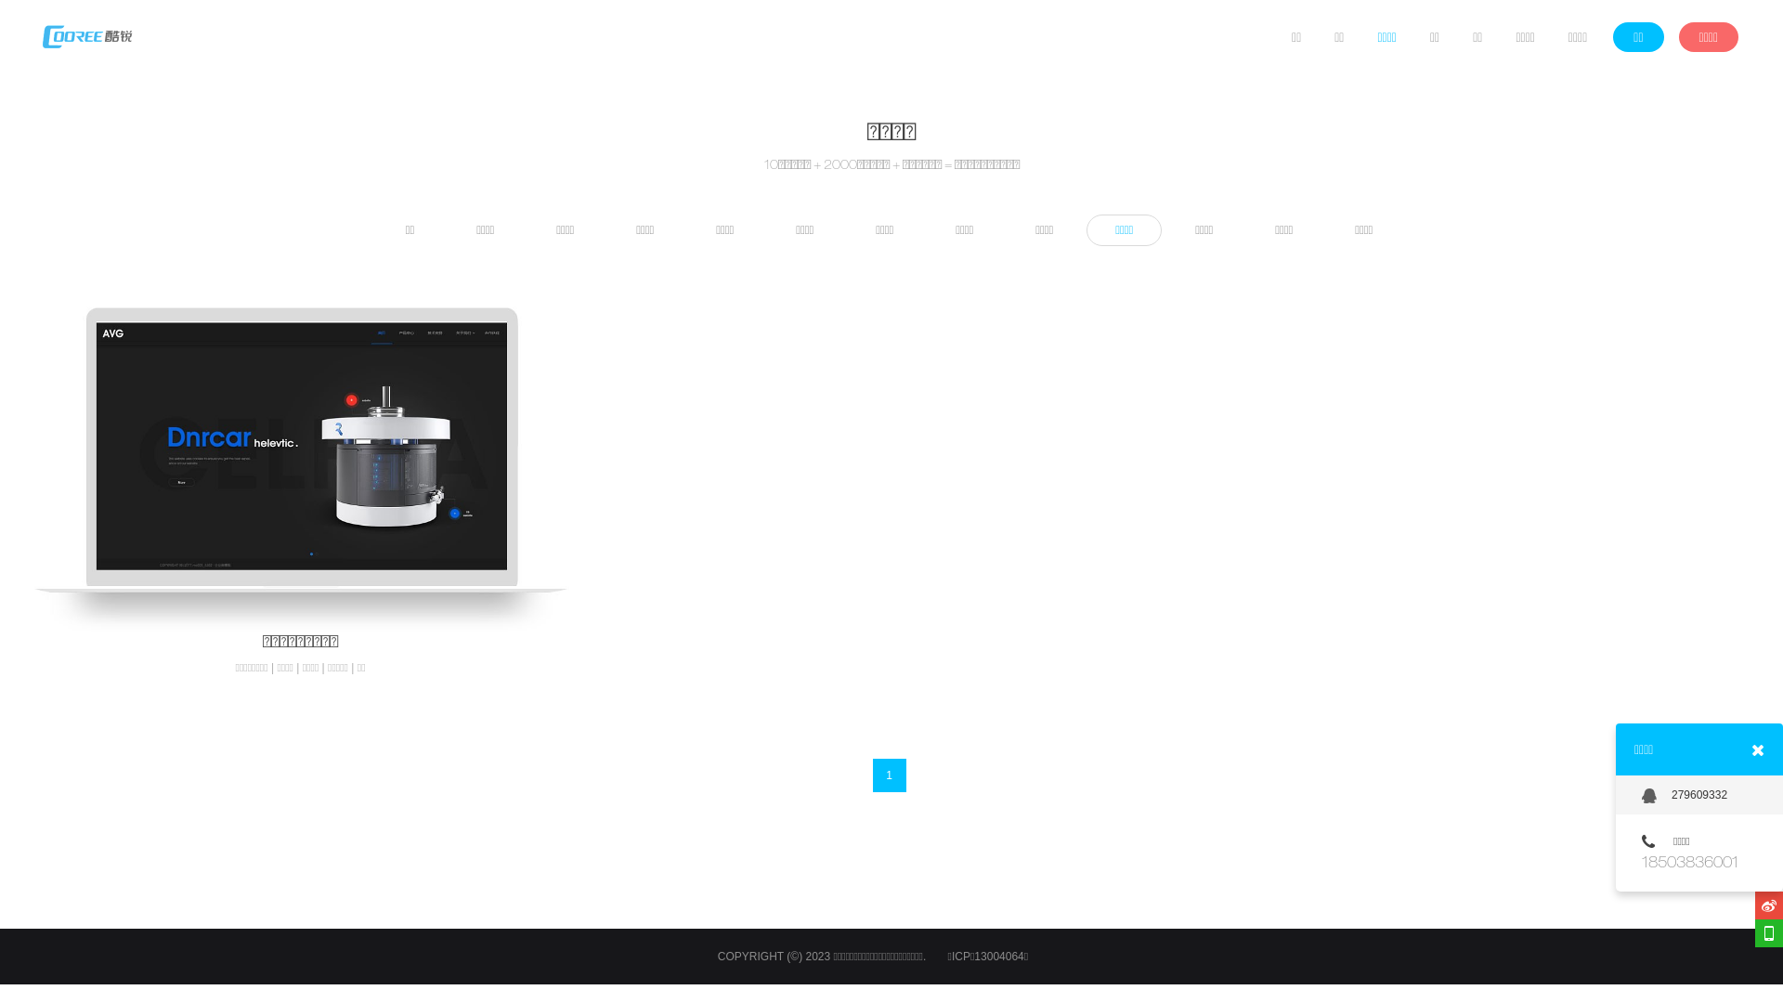 The height and width of the screenshot is (1003, 1783). What do you see at coordinates (872, 775) in the screenshot?
I see `'1'` at bounding box center [872, 775].